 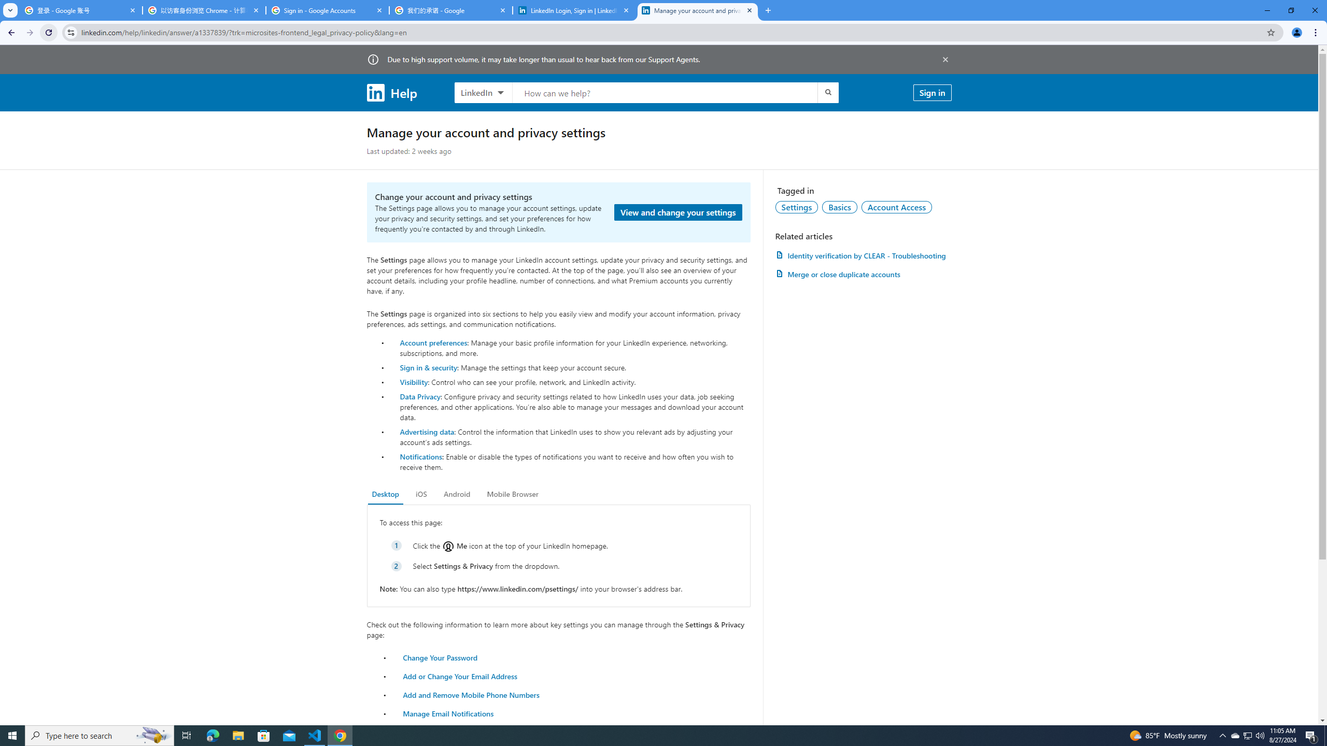 What do you see at coordinates (428, 367) in the screenshot?
I see `'Sign in & security'` at bounding box center [428, 367].